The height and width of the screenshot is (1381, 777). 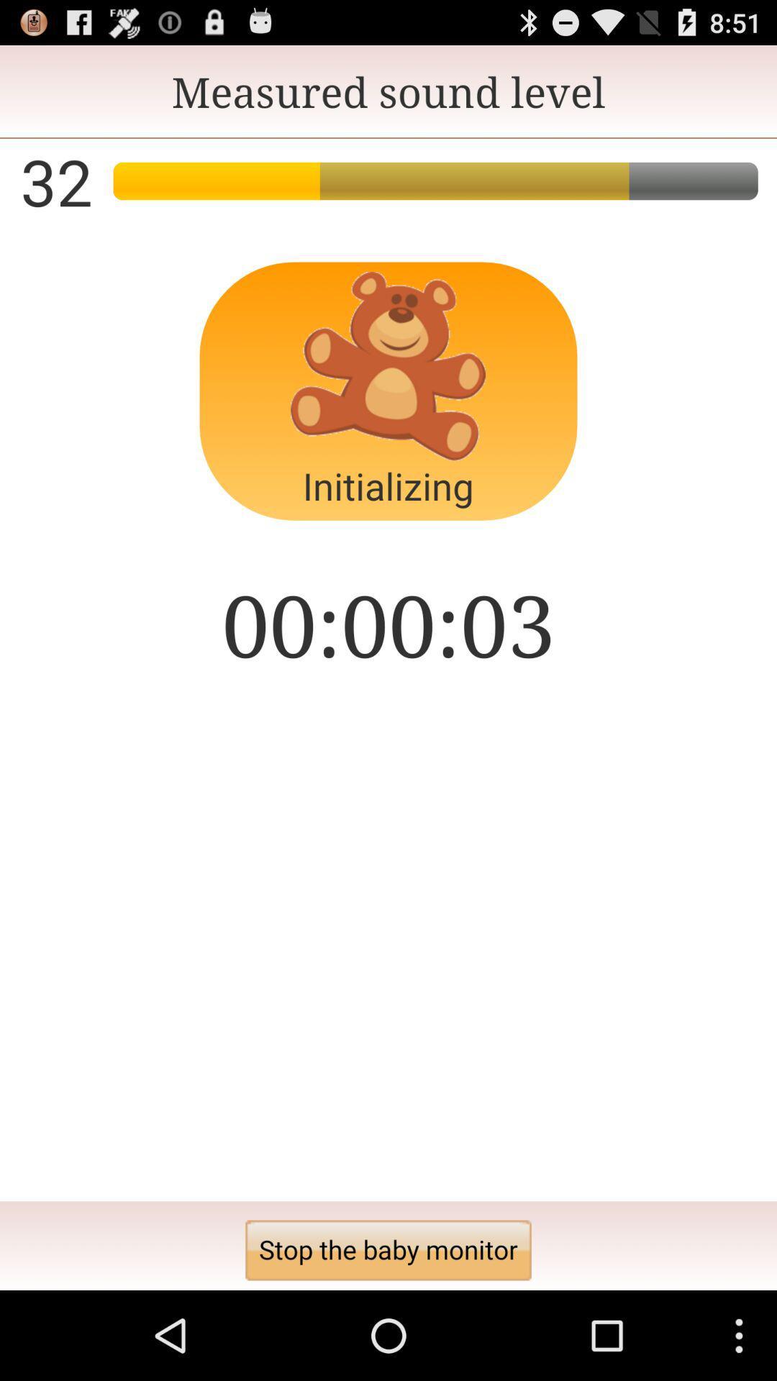 I want to click on the stop the baby button, so click(x=388, y=1249).